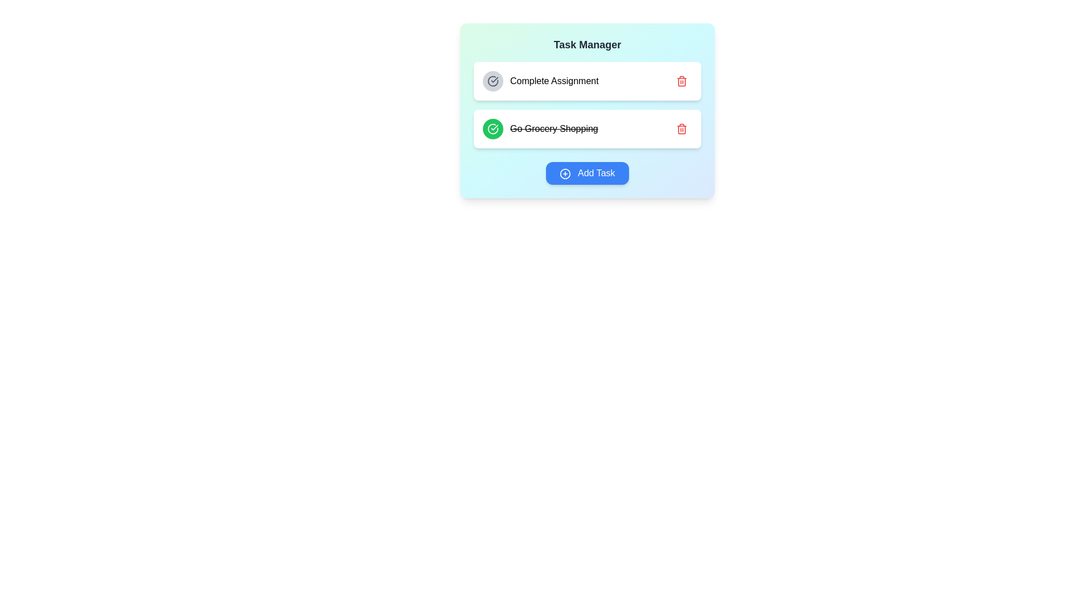 The width and height of the screenshot is (1092, 614). What do you see at coordinates (493, 128) in the screenshot?
I see `the circular green button with a white checkmark icon next to the 'Go Grocery Shopping' label to mark the task as completed` at bounding box center [493, 128].